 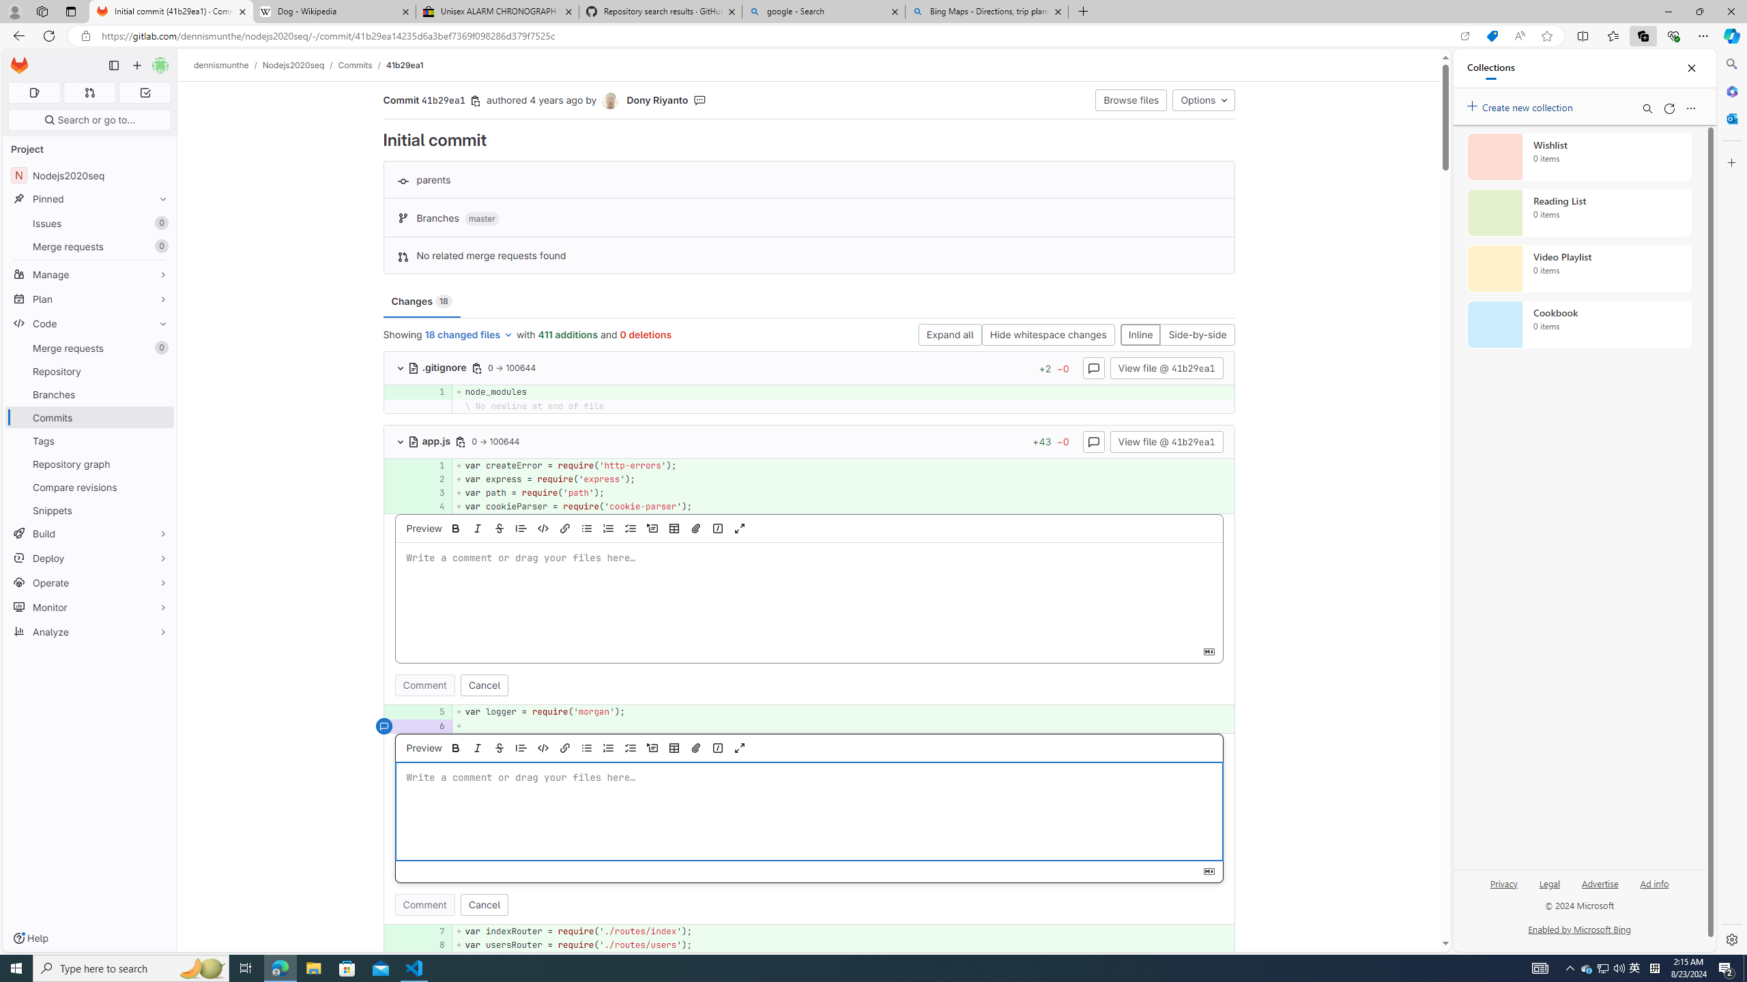 What do you see at coordinates (949, 334) in the screenshot?
I see `'Expand all'` at bounding box center [949, 334].